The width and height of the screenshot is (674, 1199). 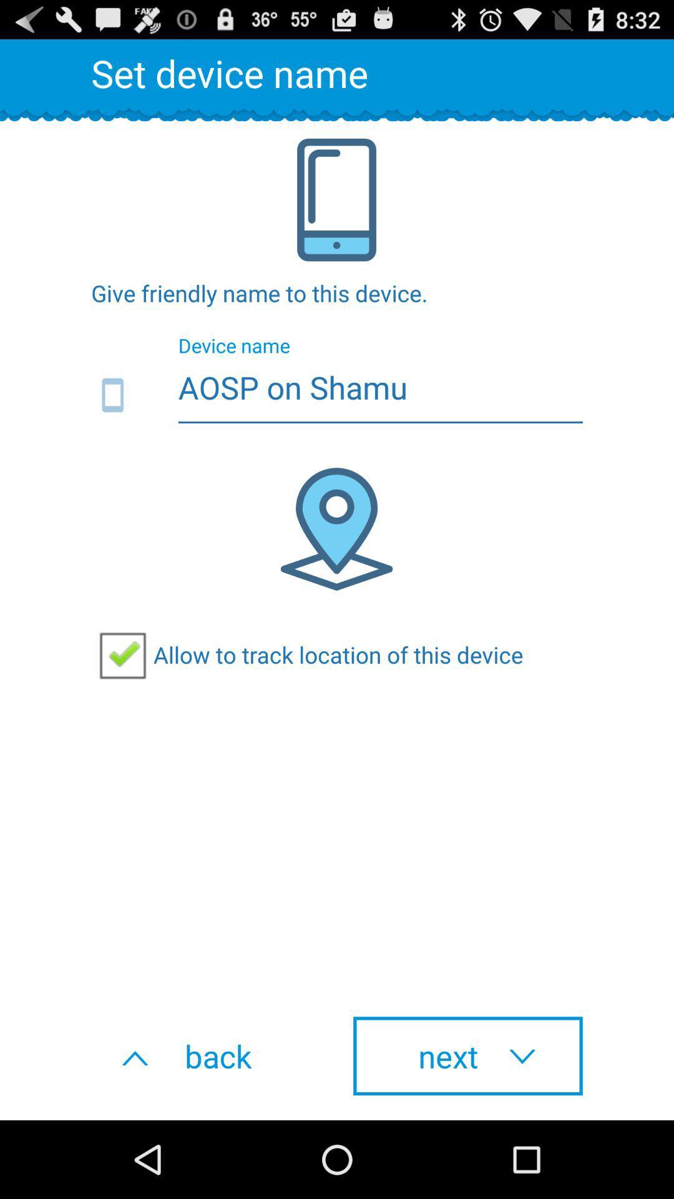 What do you see at coordinates (337, 395) in the screenshot?
I see `the item below the give friendly name icon` at bounding box center [337, 395].